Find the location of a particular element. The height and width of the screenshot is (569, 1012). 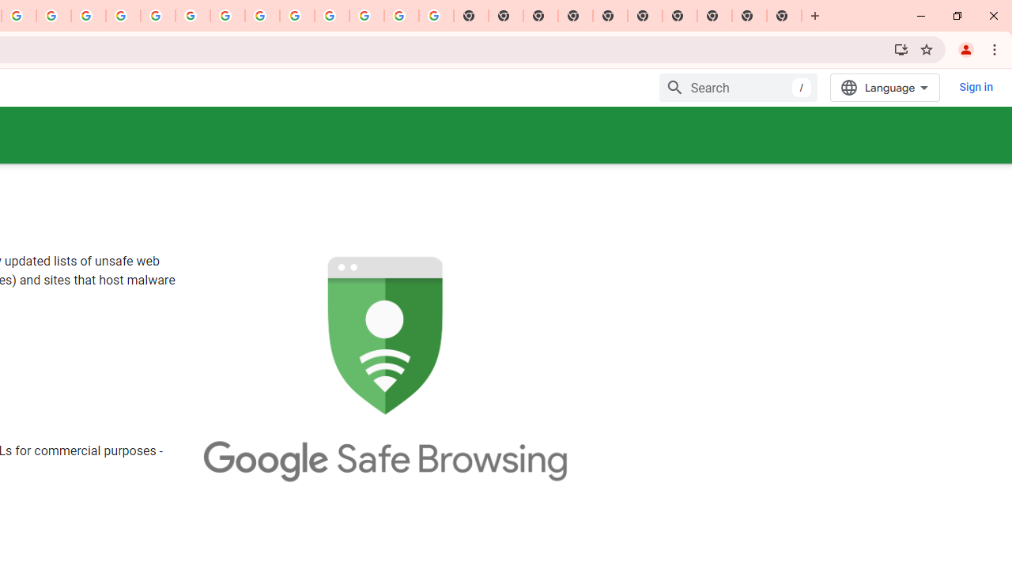

'Google Images' is located at coordinates (436, 16).